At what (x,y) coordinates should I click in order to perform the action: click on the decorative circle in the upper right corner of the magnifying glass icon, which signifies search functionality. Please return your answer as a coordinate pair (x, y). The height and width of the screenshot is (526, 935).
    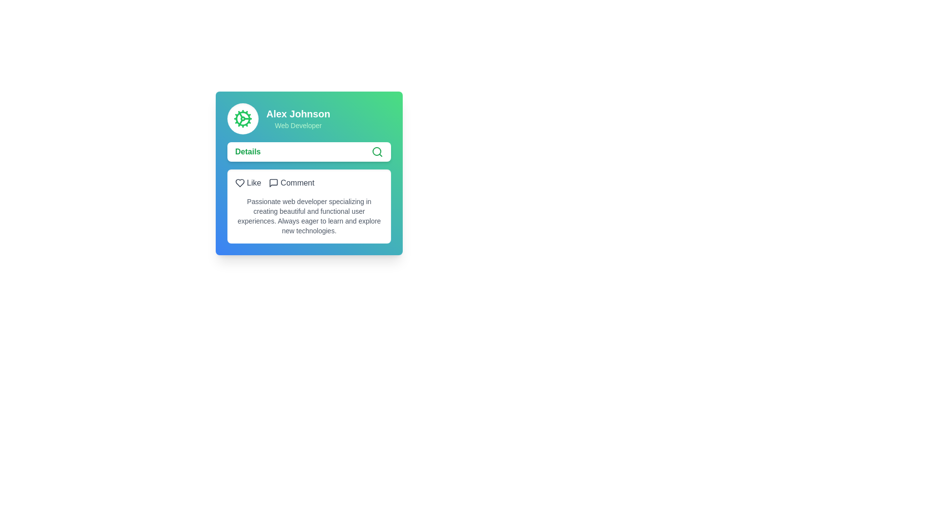
    Looking at the image, I should click on (376, 151).